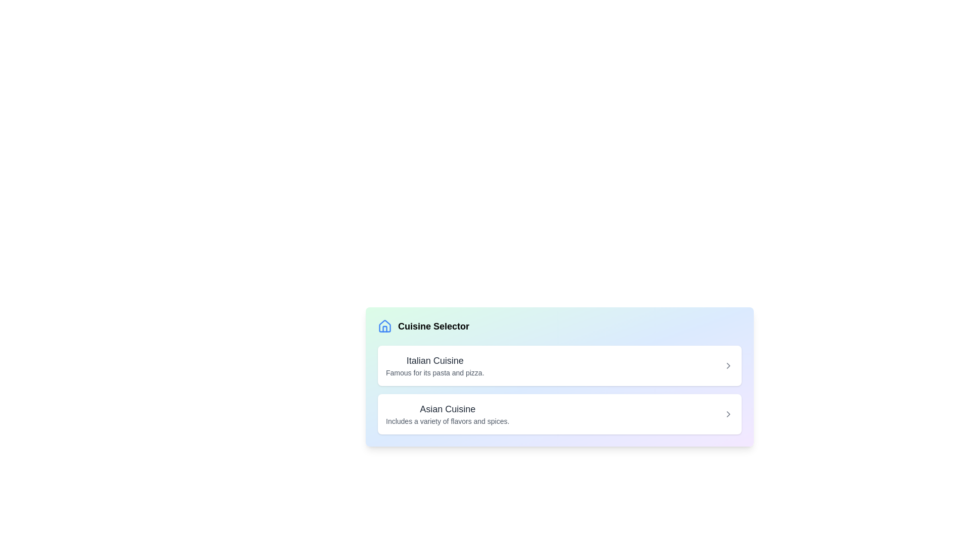 The width and height of the screenshot is (970, 545). What do you see at coordinates (447, 414) in the screenshot?
I see `the 'Asian Cuisine' text label, which is the second item under the 'Cuisine Selector' header, featuring a bold font and a description about flavors and spices` at bounding box center [447, 414].